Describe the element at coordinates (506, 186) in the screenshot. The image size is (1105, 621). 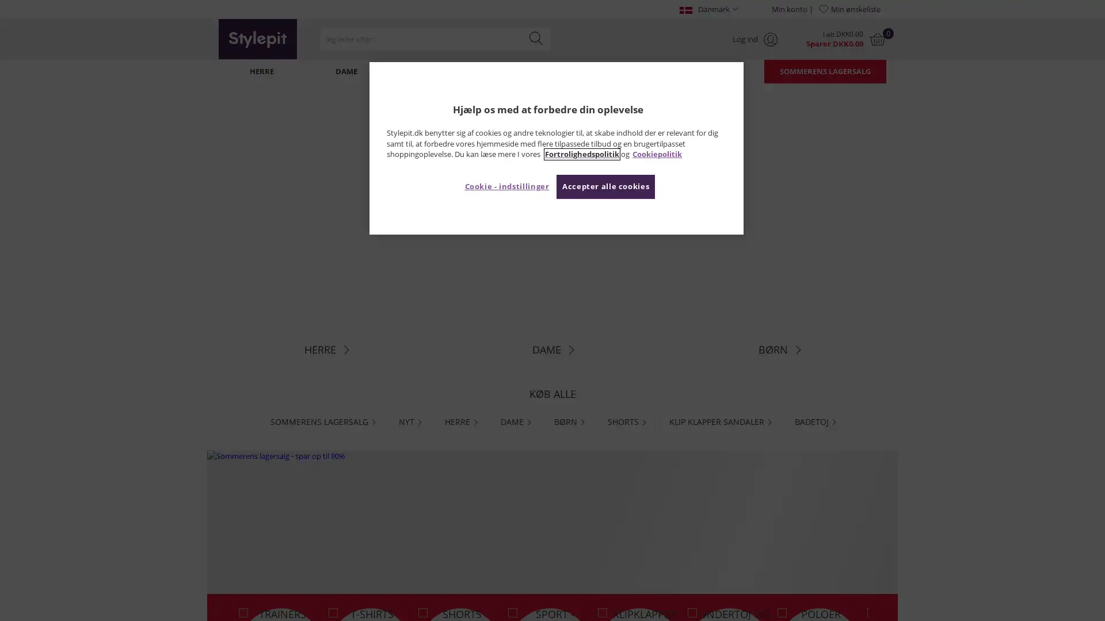
I see `Cookie - indstillinger` at that location.